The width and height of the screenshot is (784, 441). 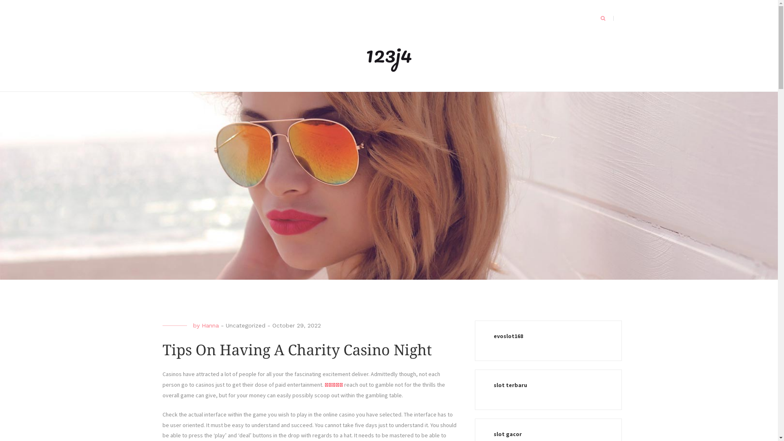 I want to click on 'Hanna', so click(x=202, y=325).